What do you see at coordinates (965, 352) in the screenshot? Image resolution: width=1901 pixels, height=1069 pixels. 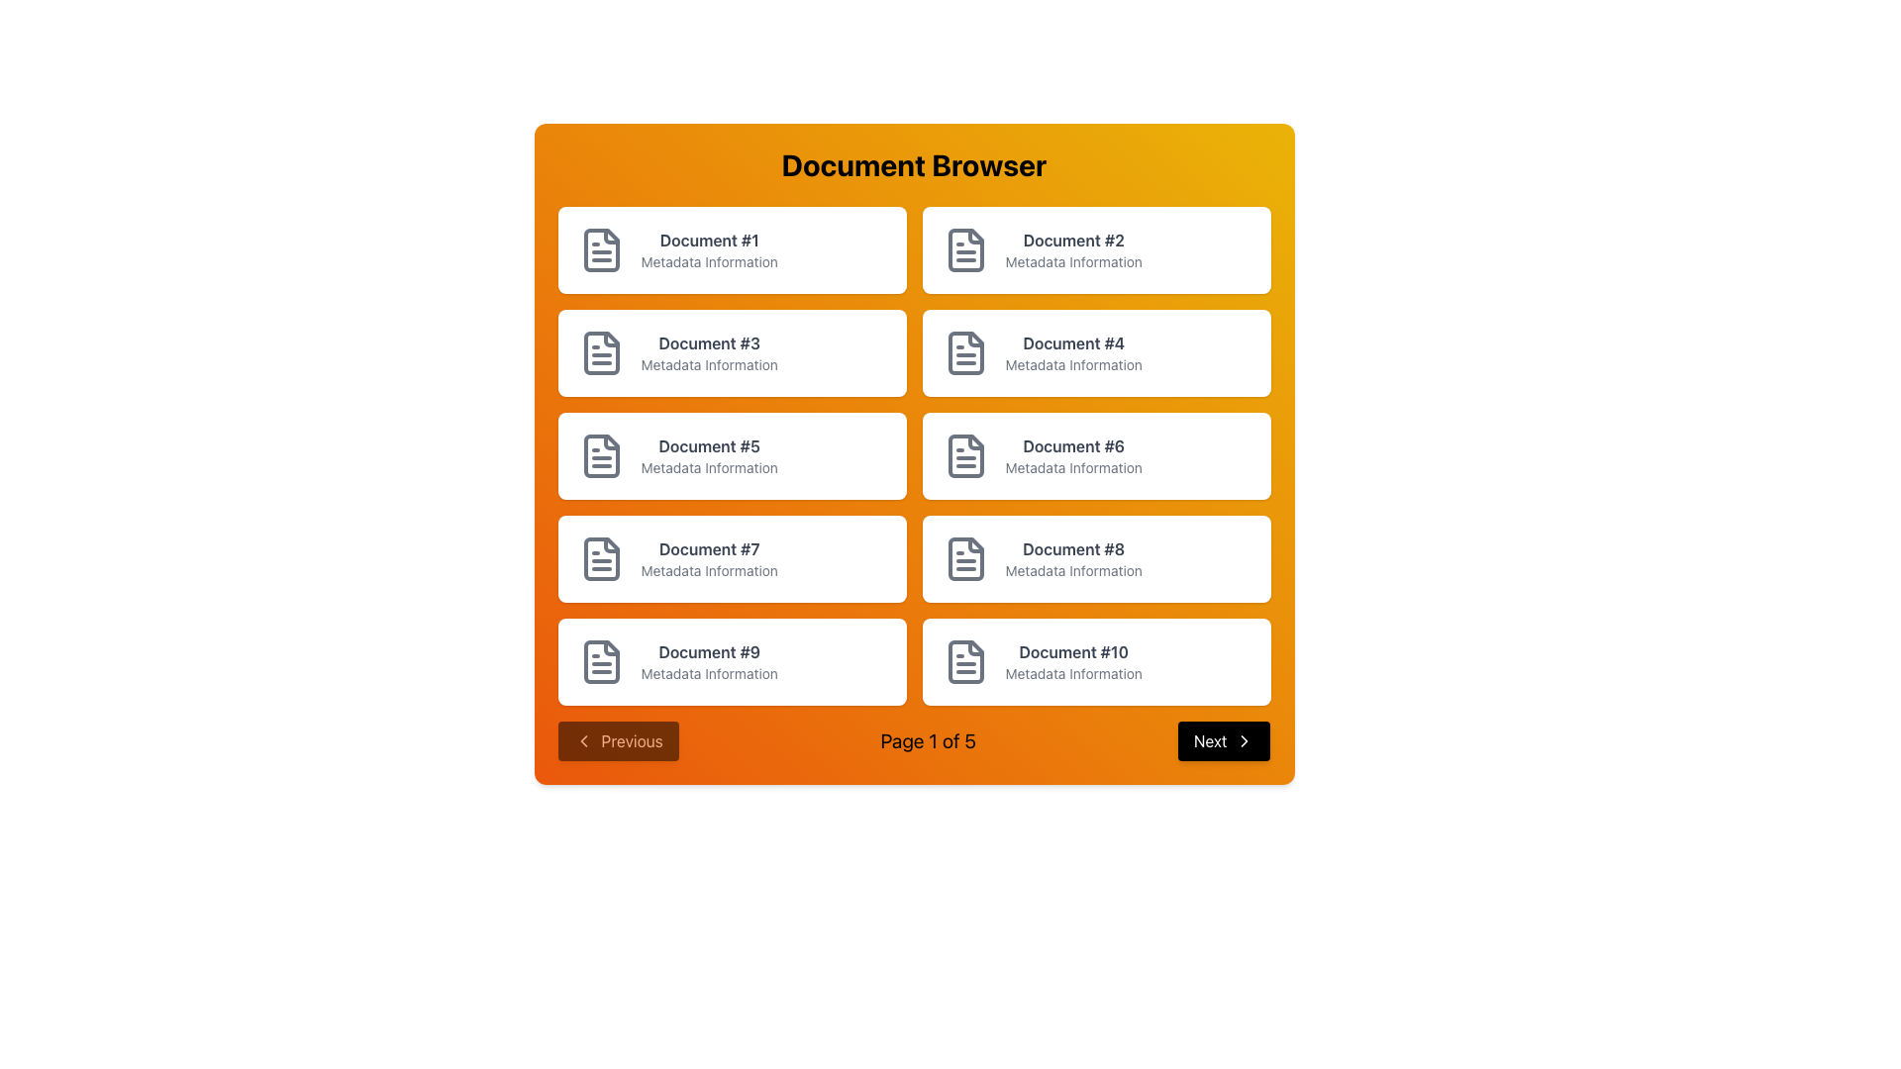 I see `the document icon, which is a slate gray outline within a rounded card` at bounding box center [965, 352].